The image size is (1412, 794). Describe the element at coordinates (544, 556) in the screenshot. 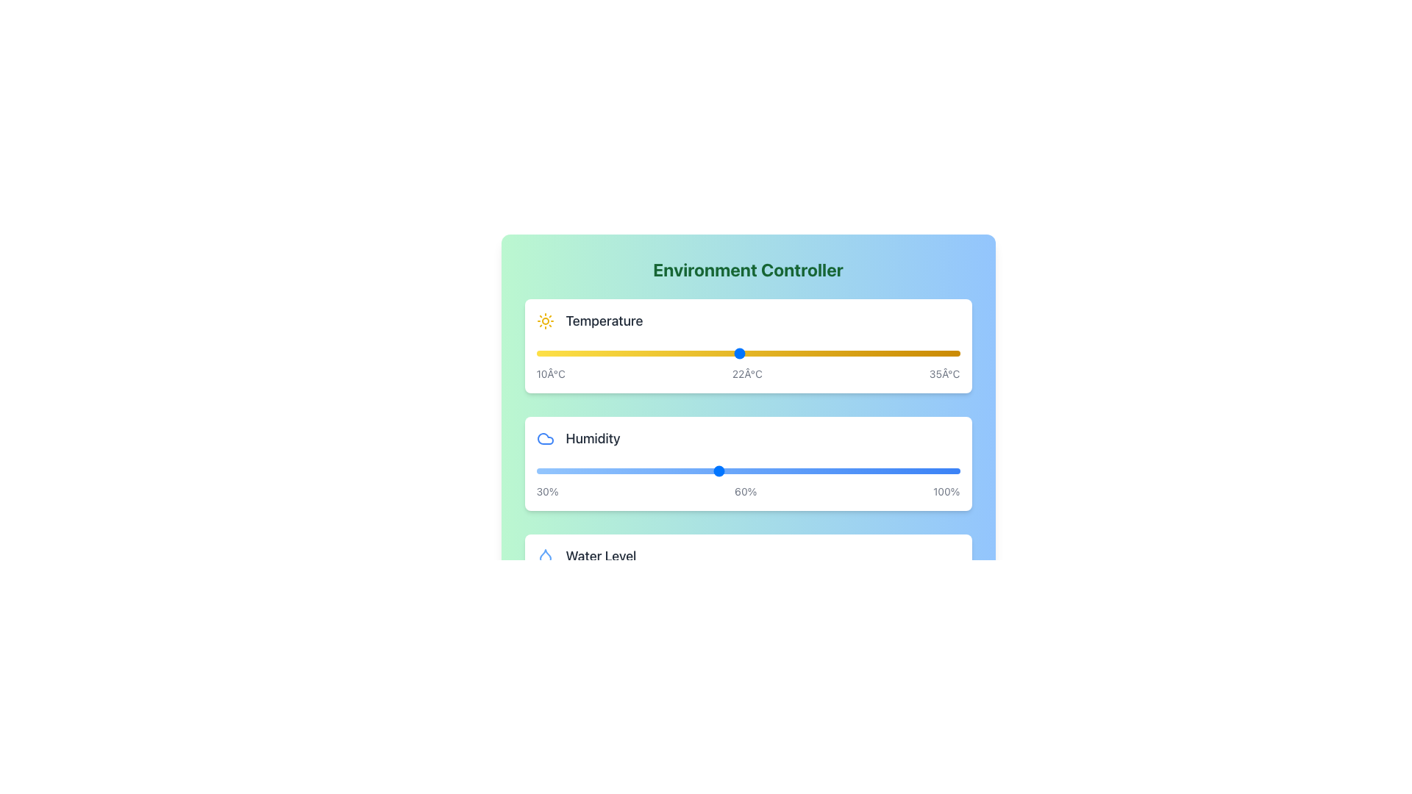

I see `the water level icon, which is a minimalistic light blue droplet shaped wireframe located to the left of the 'Water Level' text` at that location.